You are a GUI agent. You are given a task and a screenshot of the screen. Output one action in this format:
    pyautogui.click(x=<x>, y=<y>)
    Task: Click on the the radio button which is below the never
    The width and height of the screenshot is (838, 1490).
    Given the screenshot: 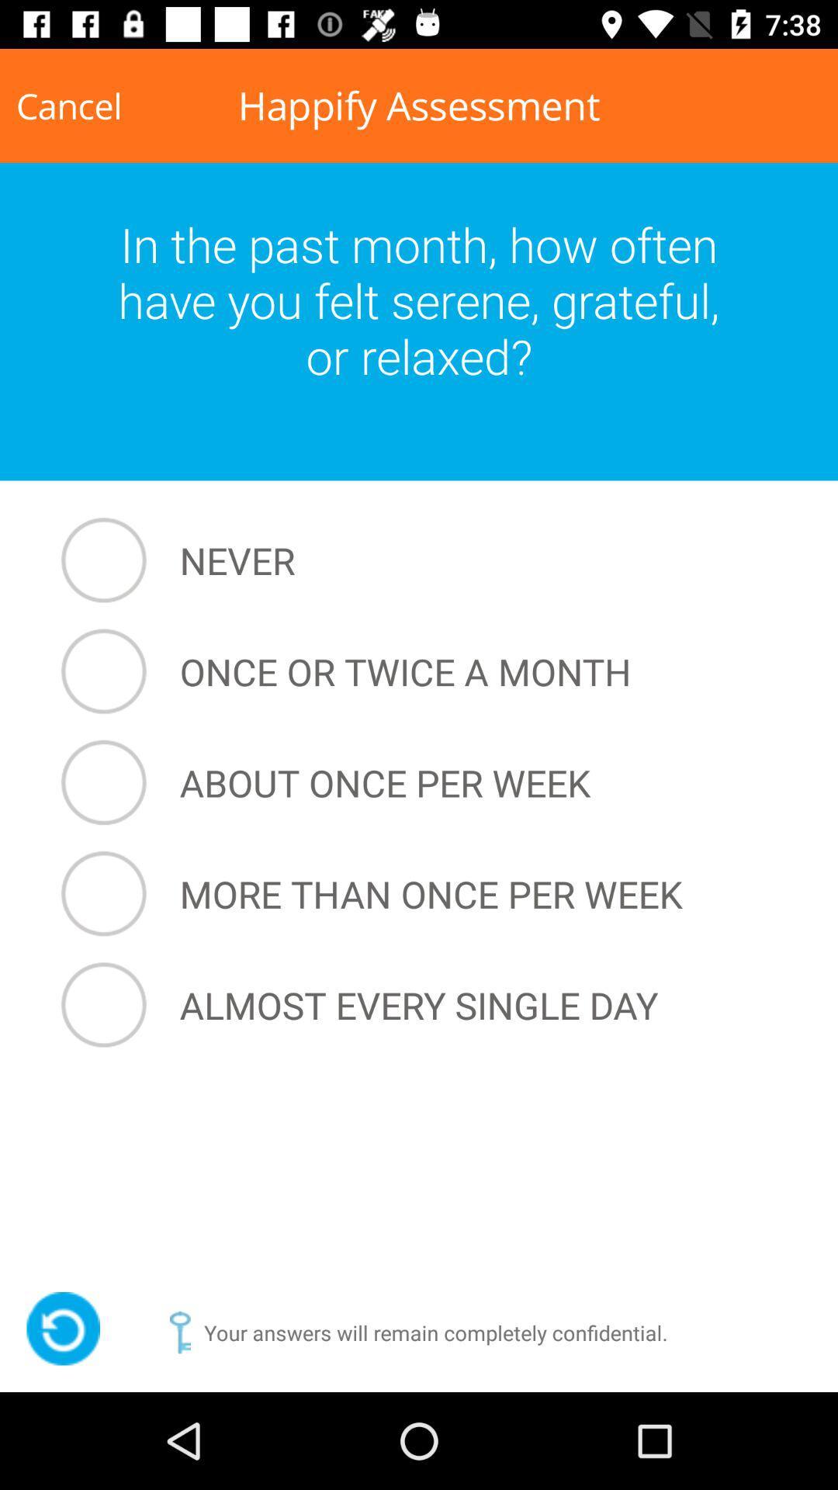 What is the action you would take?
    pyautogui.click(x=423, y=671)
    